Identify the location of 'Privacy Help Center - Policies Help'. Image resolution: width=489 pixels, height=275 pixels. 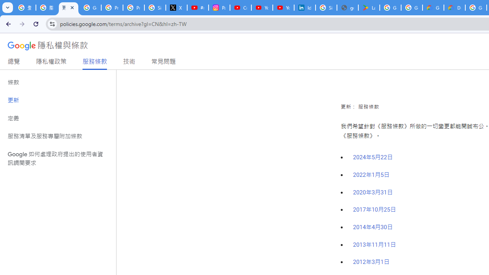
(134, 8).